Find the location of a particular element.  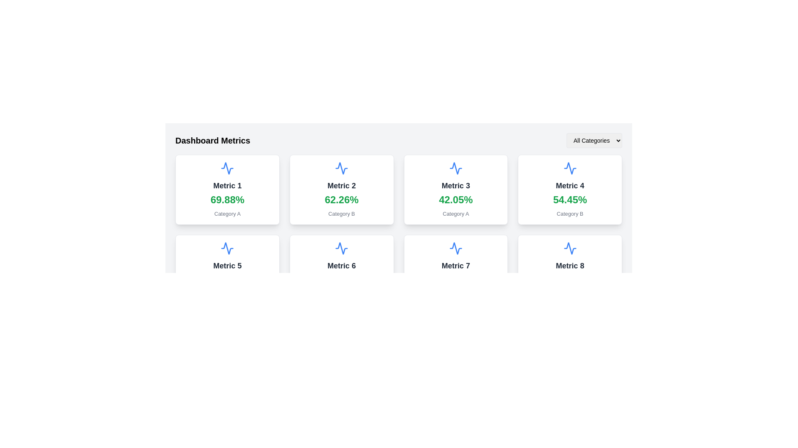

metric properties from the analytical card located in the second row, first column of the grid layout, positioned below 'Metric 1' and to the left of 'Metric 6' is located at coordinates (227, 270).